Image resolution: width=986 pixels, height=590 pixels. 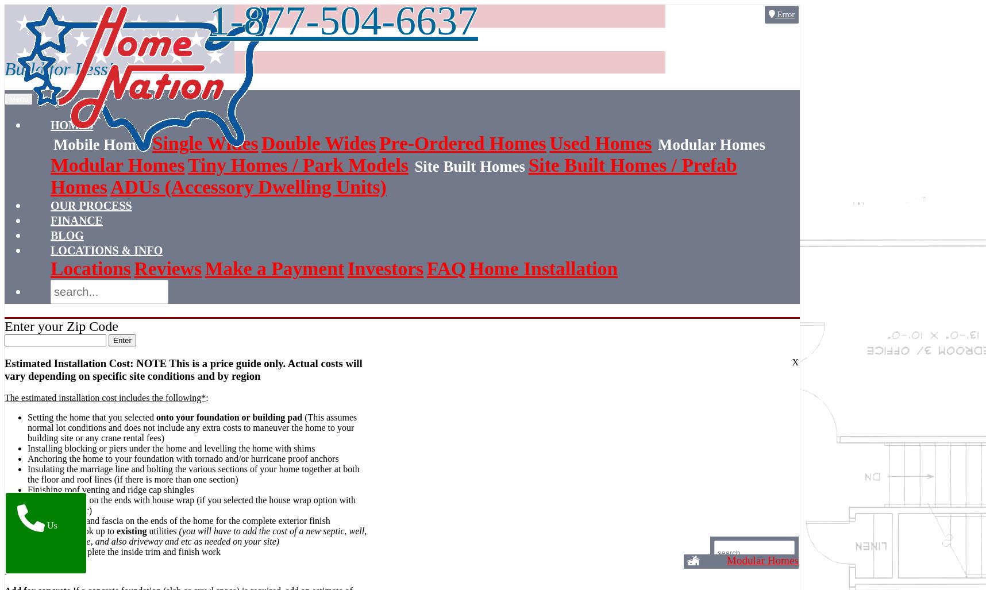 I want to click on 'Build for Less!', so click(x=58, y=68).